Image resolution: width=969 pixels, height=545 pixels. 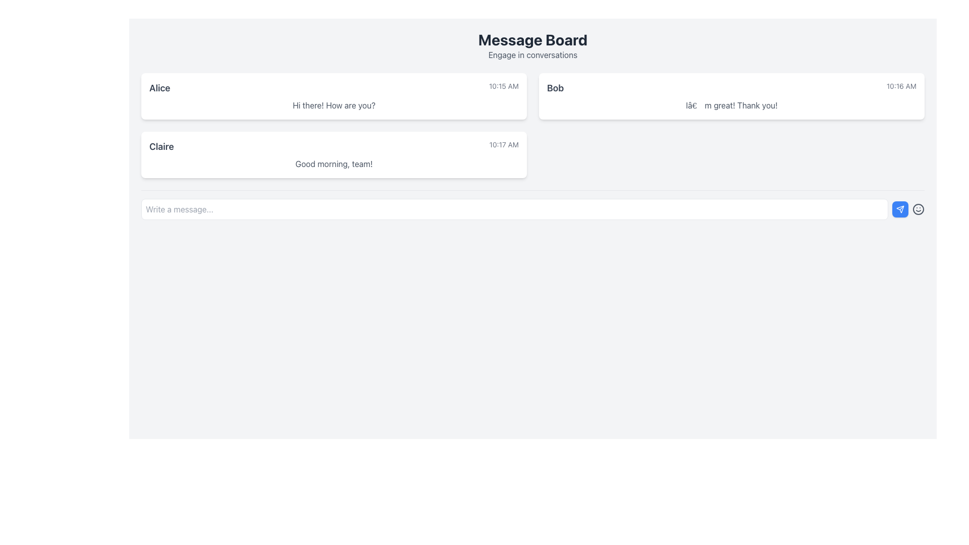 What do you see at coordinates (900, 209) in the screenshot?
I see `the 'Send' button located in the bottom right corner of the input interface` at bounding box center [900, 209].